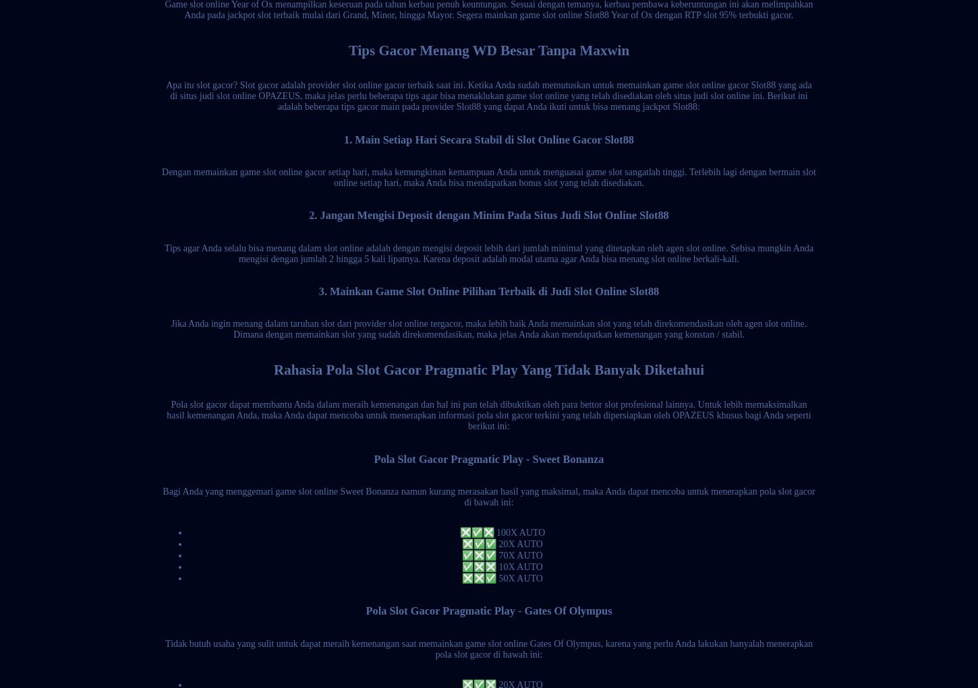 This screenshot has height=688, width=978. I want to click on 'Pola Slot Gacor Pragmatic Play - Sweet Bonanza', so click(488, 458).